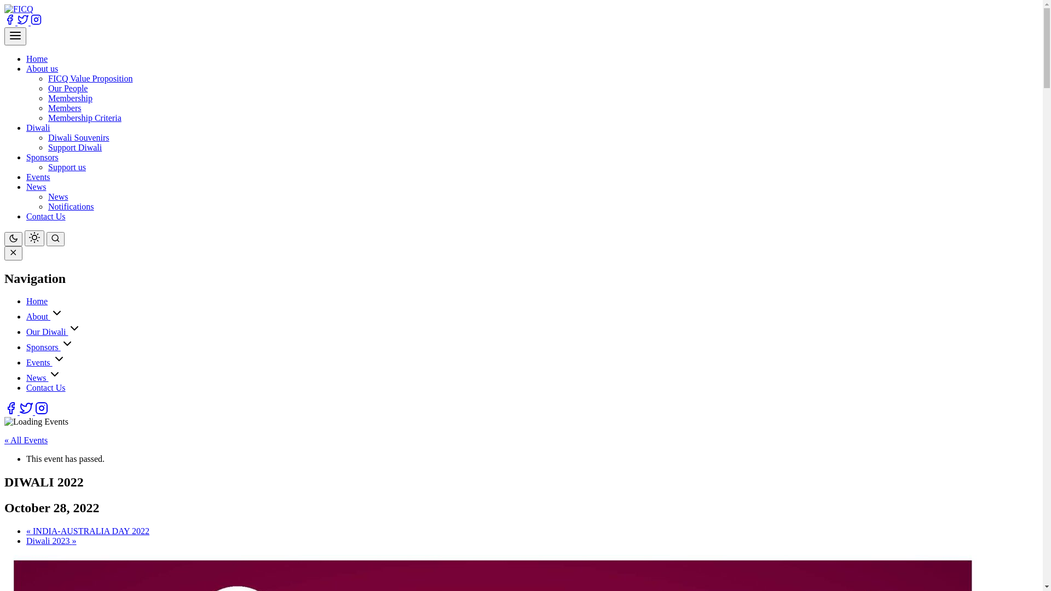 This screenshot has width=1051, height=591. What do you see at coordinates (26, 186) in the screenshot?
I see `'News'` at bounding box center [26, 186].